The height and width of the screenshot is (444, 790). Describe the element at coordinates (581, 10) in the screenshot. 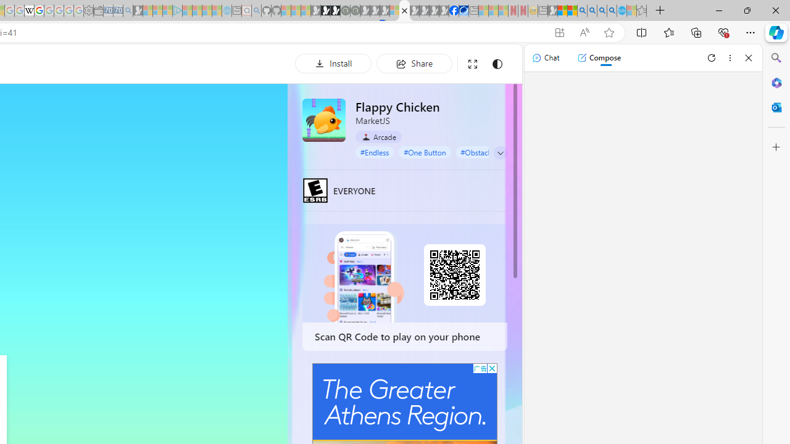

I see `'Bing AI - Search'` at that location.